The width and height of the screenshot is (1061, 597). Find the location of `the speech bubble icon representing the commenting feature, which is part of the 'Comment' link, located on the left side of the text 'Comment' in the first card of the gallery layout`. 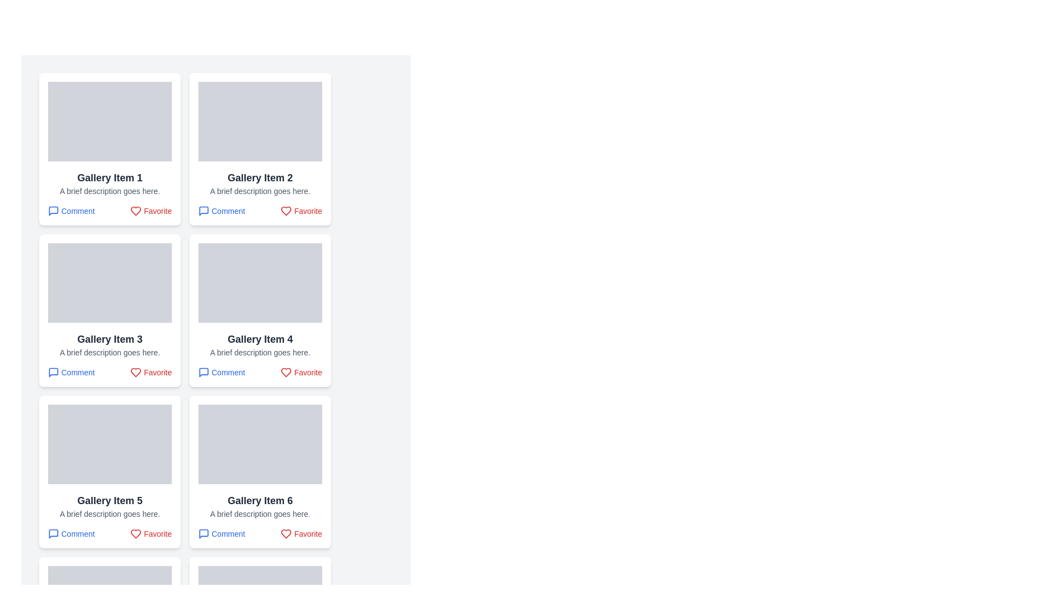

the speech bubble icon representing the commenting feature, which is part of the 'Comment' link, located on the left side of the text 'Comment' in the first card of the gallery layout is located at coordinates (52, 211).